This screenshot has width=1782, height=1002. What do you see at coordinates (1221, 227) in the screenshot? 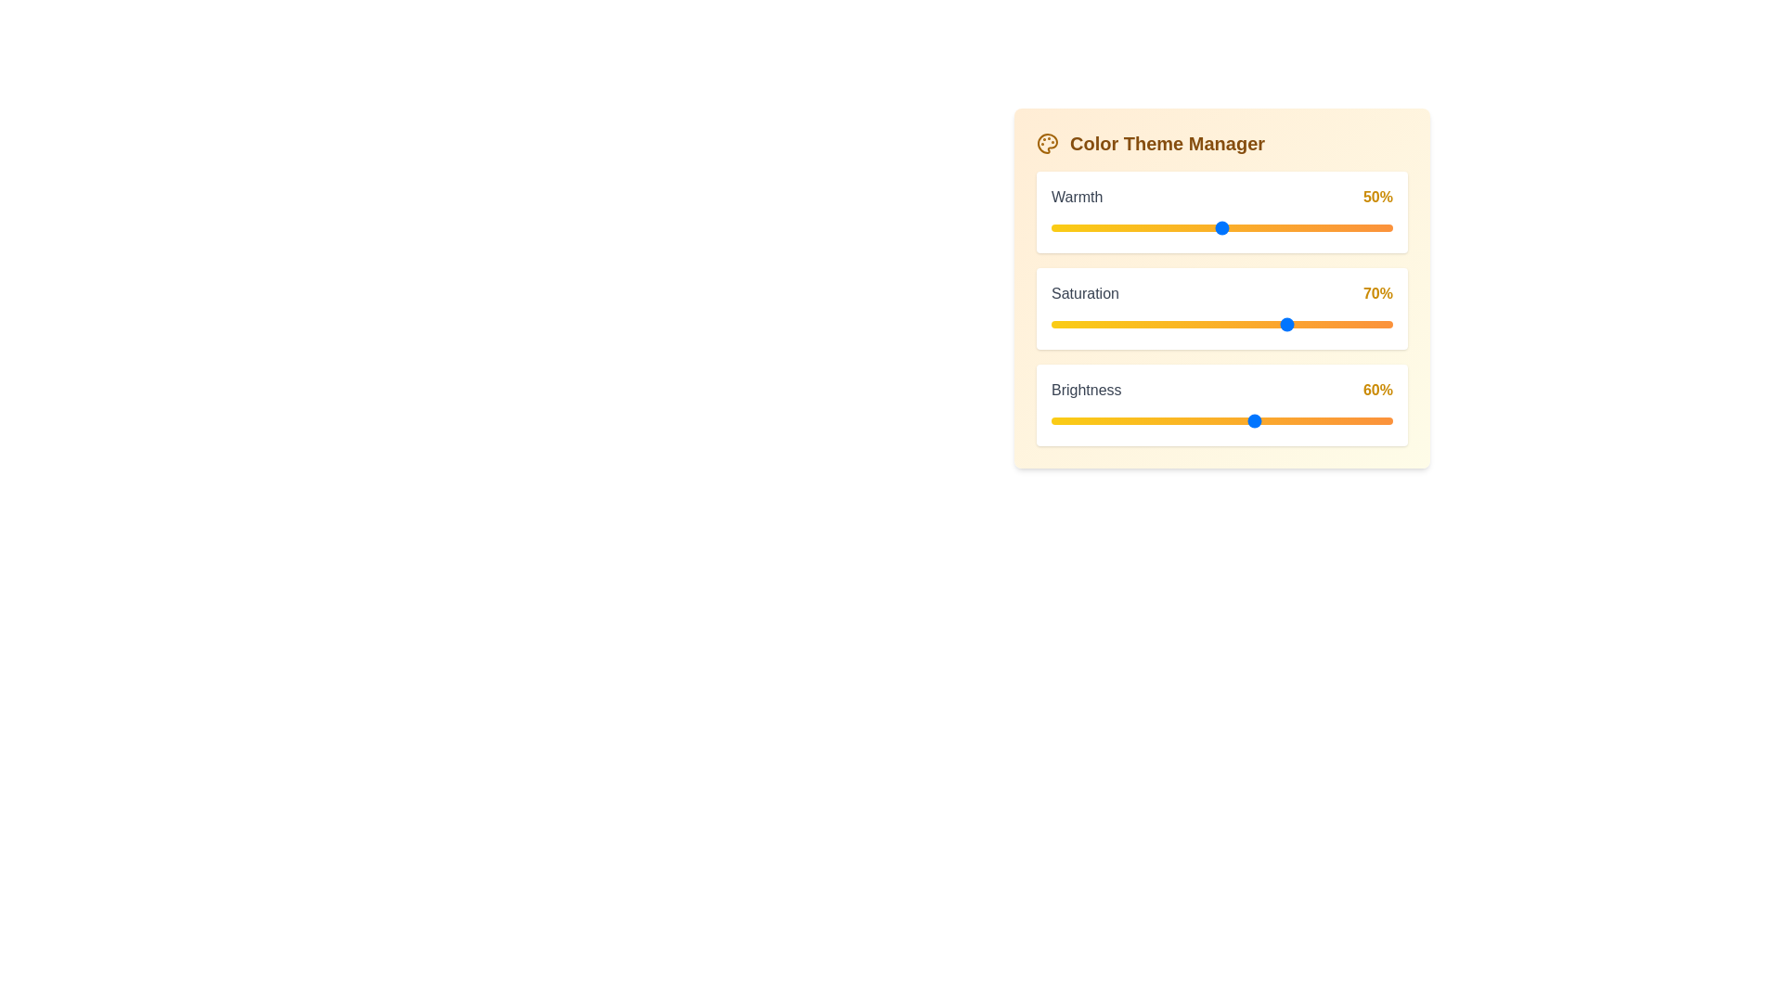
I see `the slider for Warmth` at bounding box center [1221, 227].